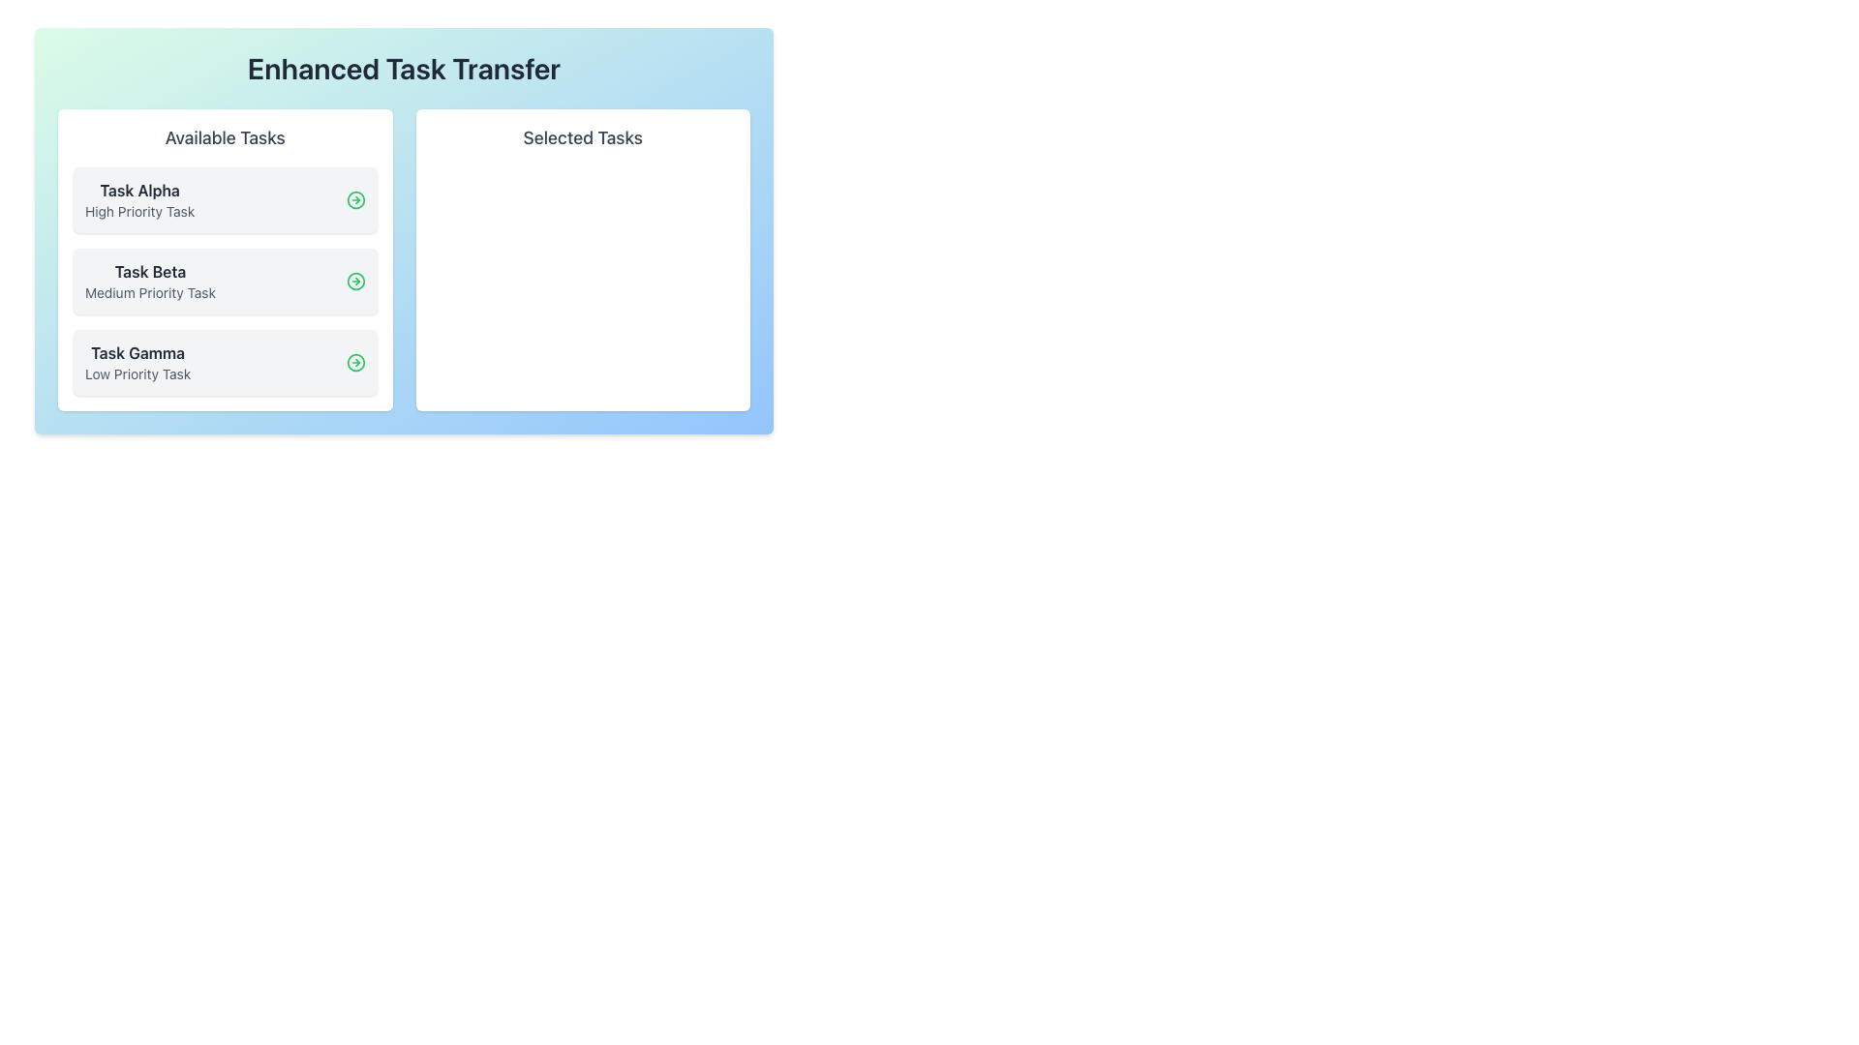  What do you see at coordinates (355, 362) in the screenshot?
I see `the Circular SVG component indicating the task's status in the 'Available Tasks' section of the 'Task Gamma' card, adjacent to the 'Low Priority Task' description` at bounding box center [355, 362].